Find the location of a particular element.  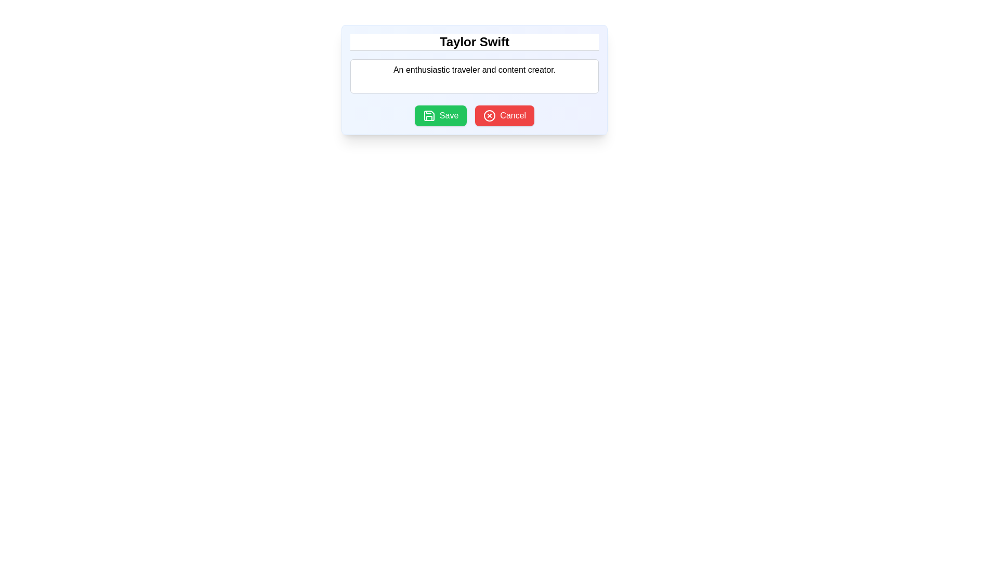

the text area below the title 'Taylor Swift' is located at coordinates (474, 75).